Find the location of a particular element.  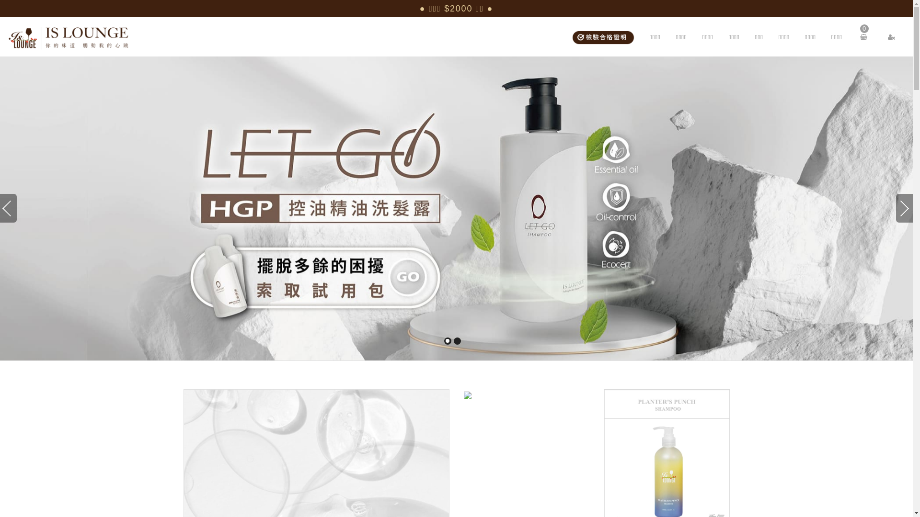

'0' is located at coordinates (860, 36).